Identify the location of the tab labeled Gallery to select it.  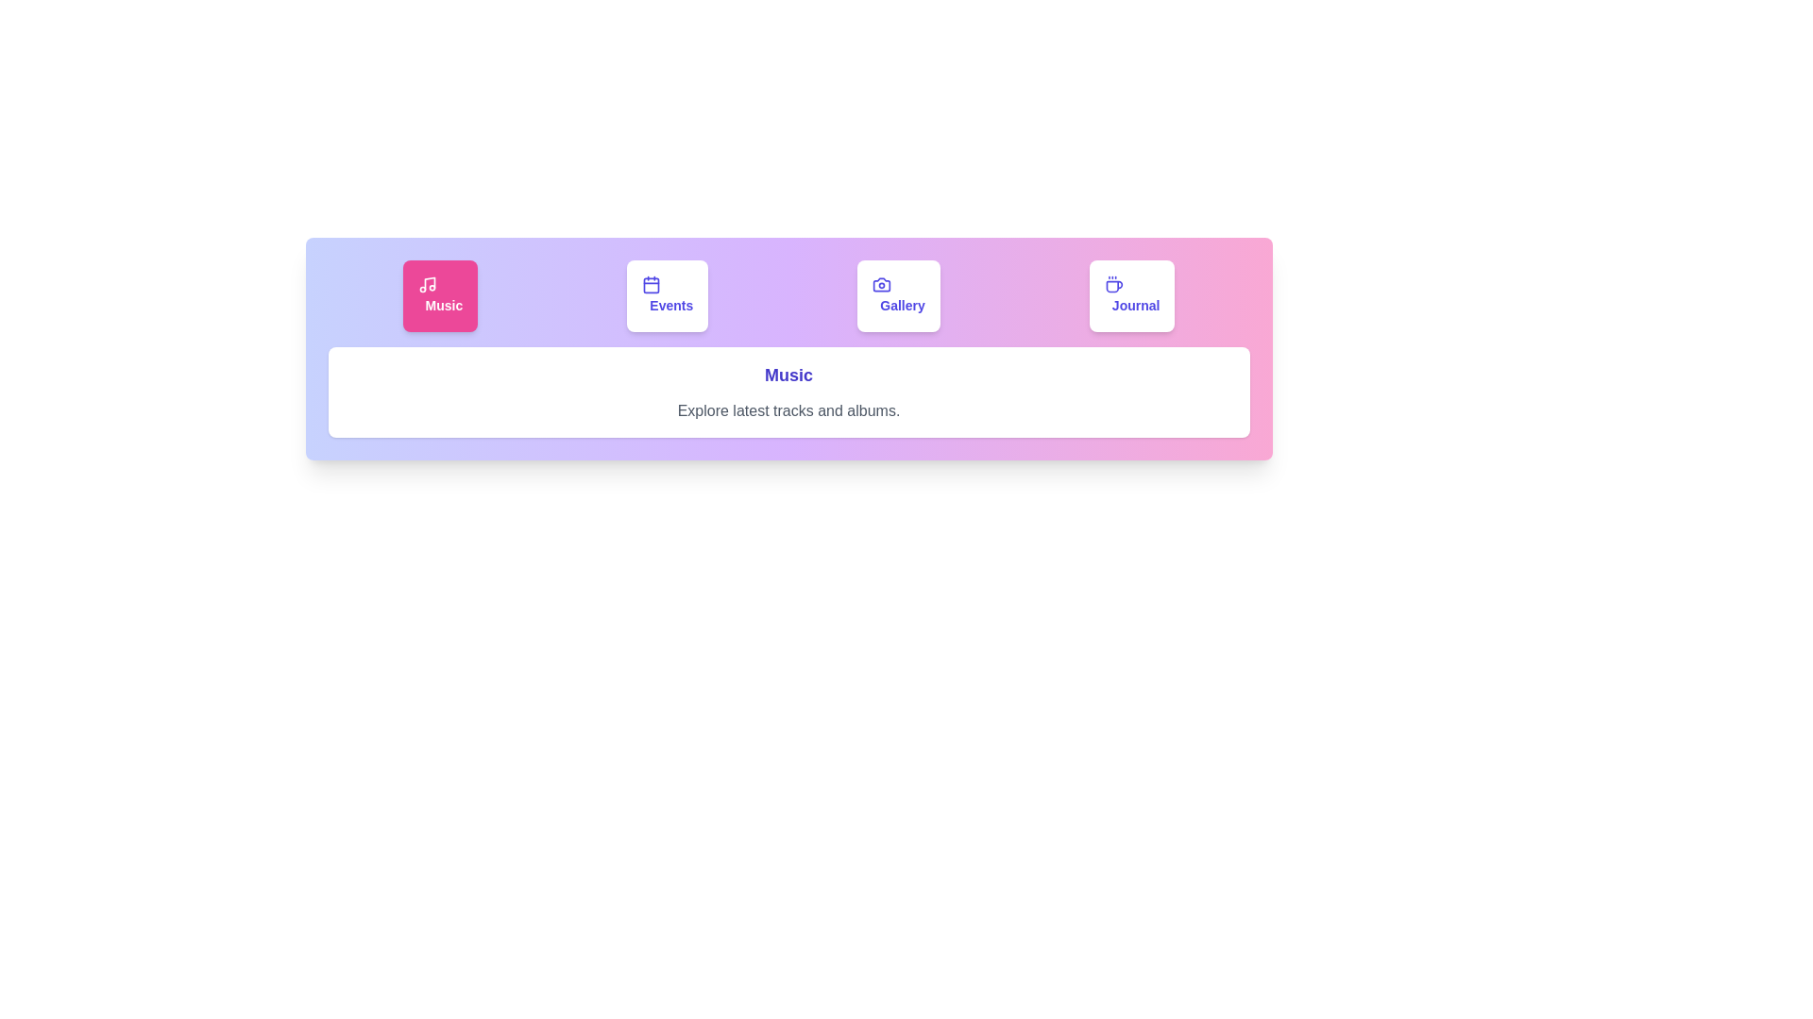
(898, 295).